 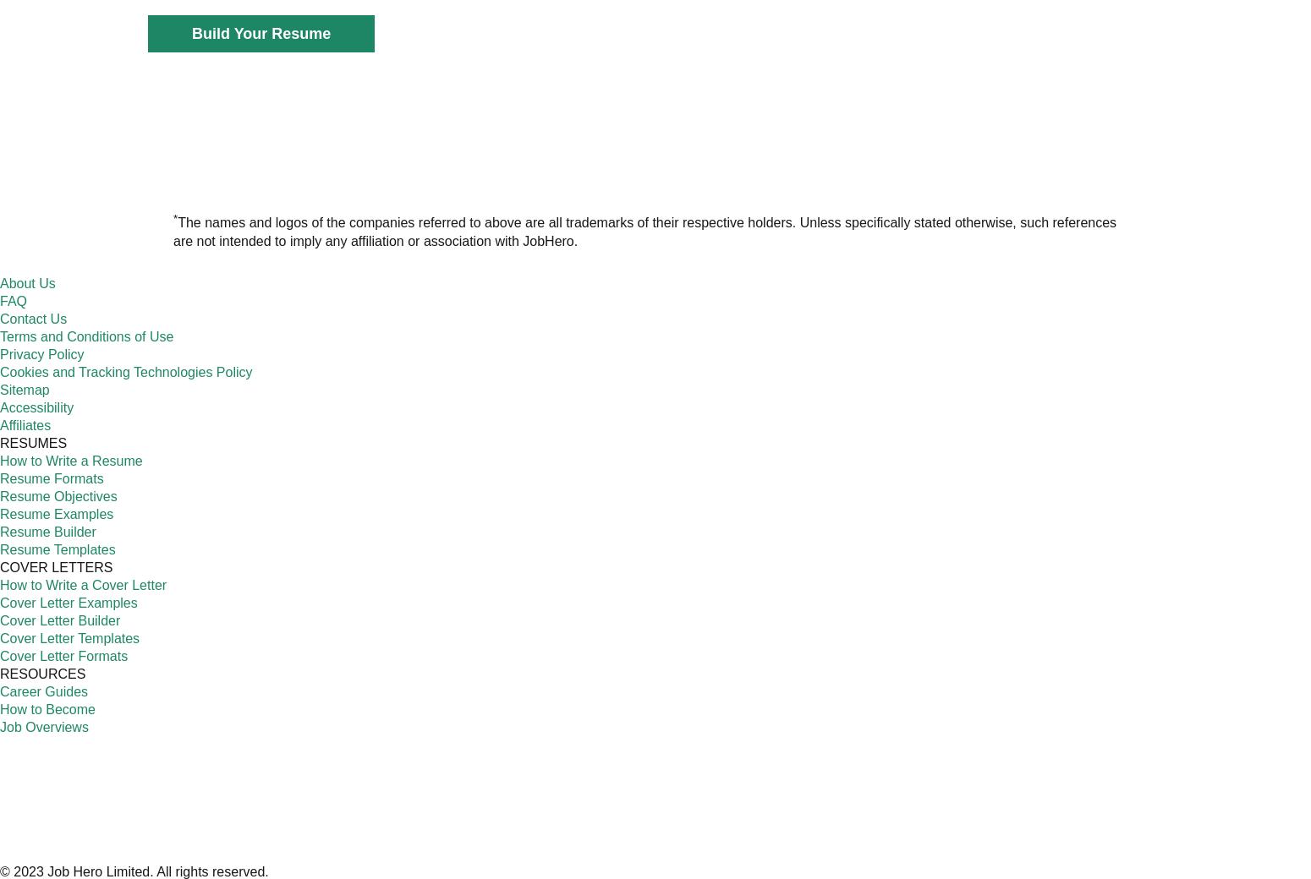 I want to click on 'See more', so click(x=541, y=401).